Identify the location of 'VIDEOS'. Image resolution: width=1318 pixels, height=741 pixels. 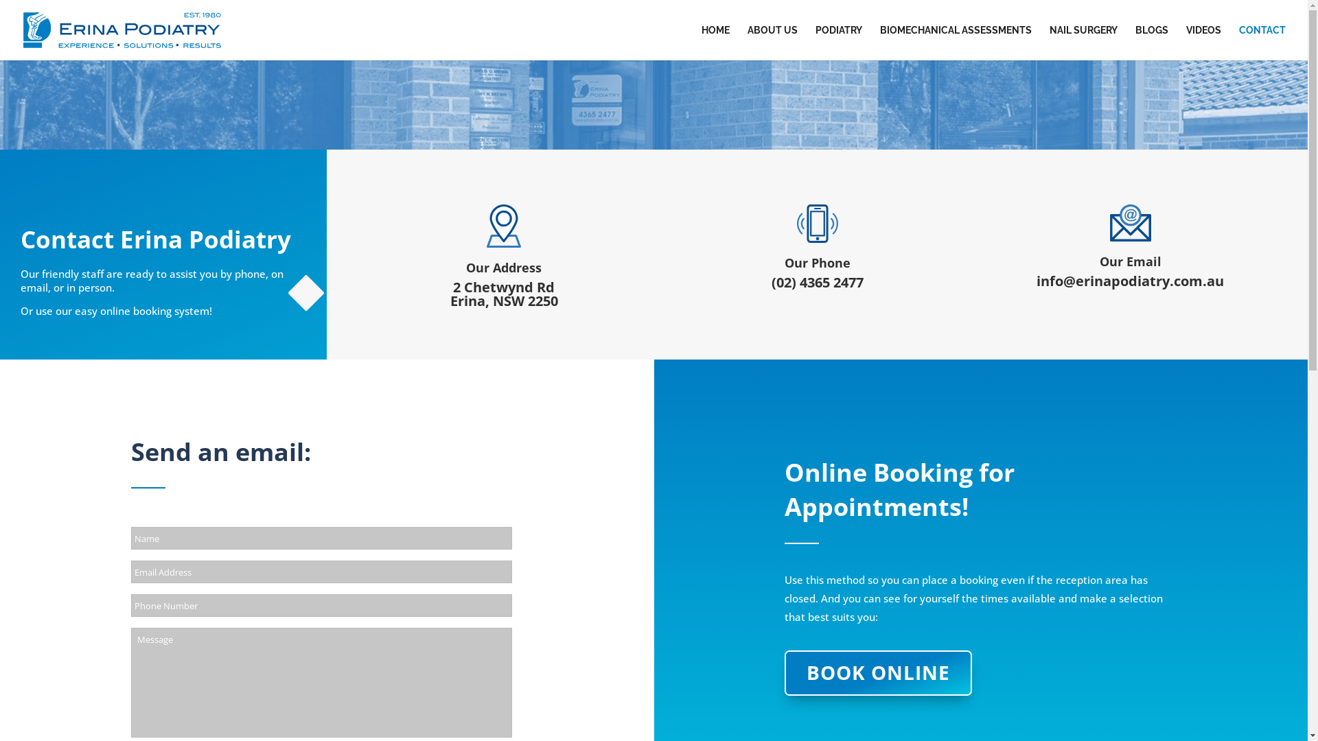
(1186, 42).